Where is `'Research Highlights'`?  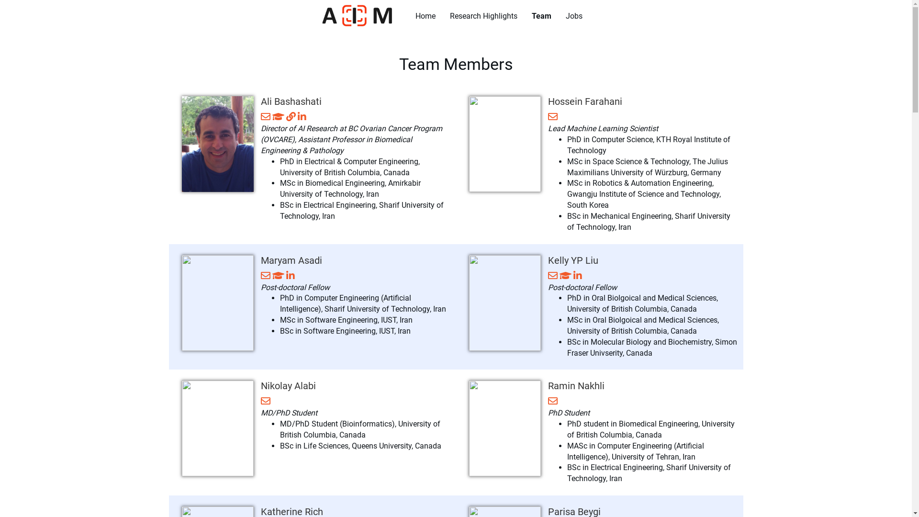 'Research Highlights' is located at coordinates (483, 16).